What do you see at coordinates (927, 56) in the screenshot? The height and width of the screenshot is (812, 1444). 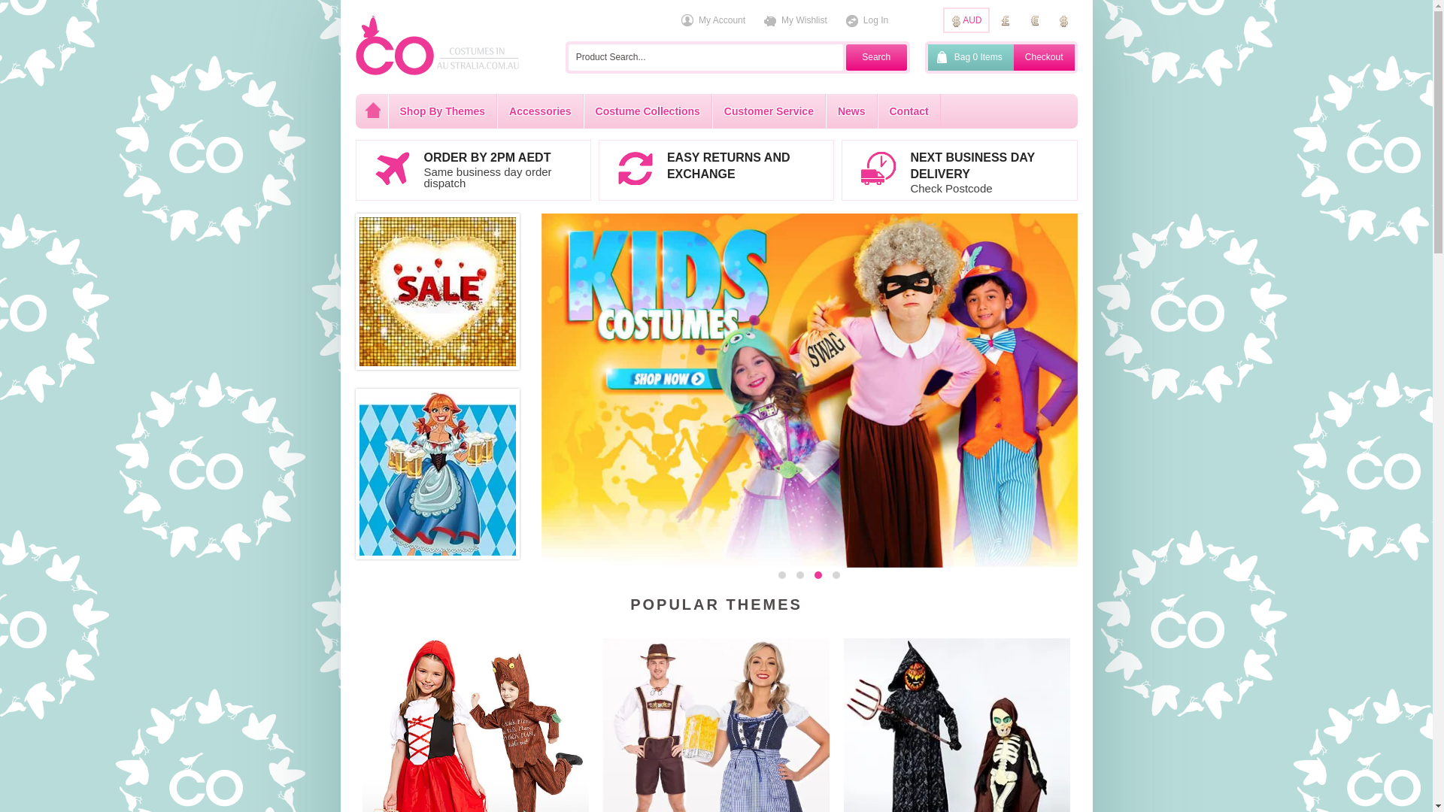 I see `'Bag 0 Items'` at bounding box center [927, 56].